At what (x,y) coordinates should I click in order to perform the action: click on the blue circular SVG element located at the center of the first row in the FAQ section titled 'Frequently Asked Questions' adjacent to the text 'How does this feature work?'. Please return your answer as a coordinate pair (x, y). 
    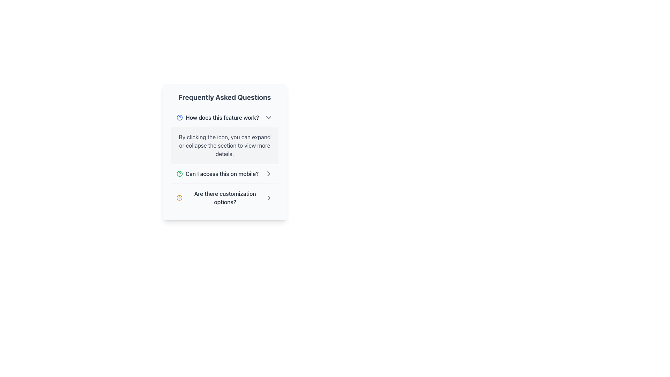
    Looking at the image, I should click on (179, 117).